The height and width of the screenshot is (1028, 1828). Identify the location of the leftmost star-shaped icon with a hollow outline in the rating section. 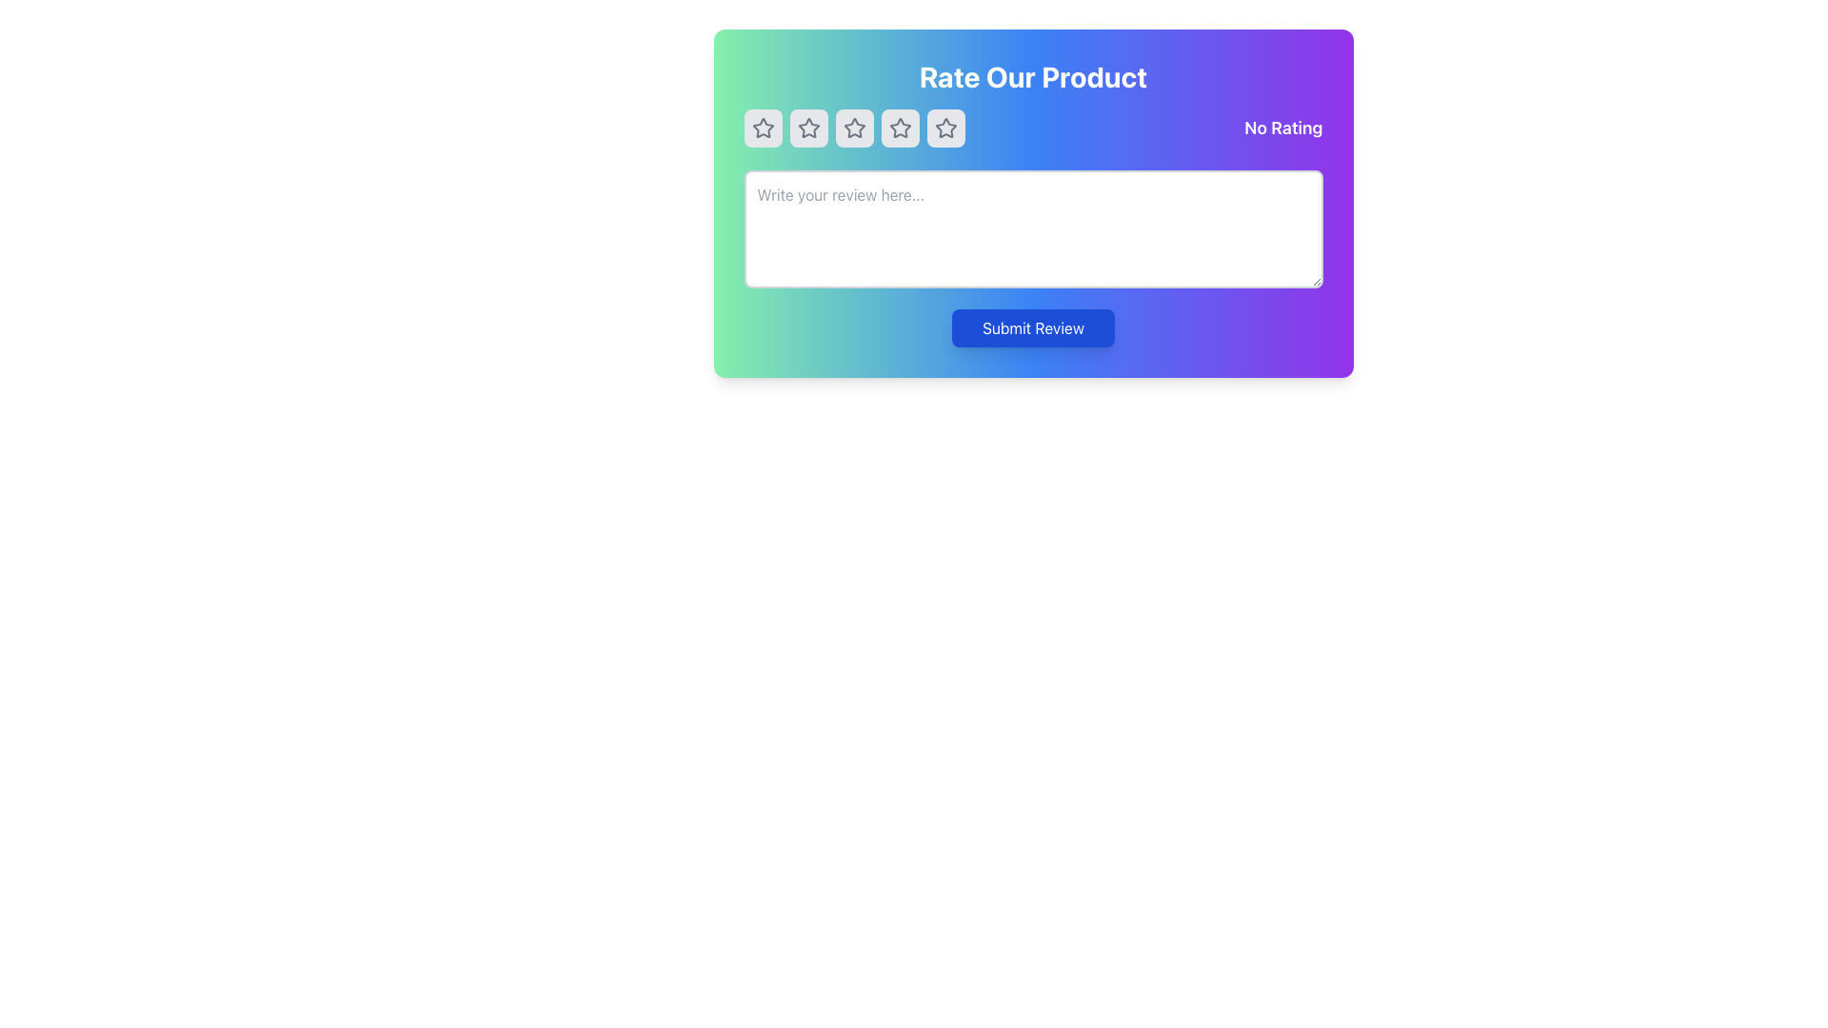
(763, 128).